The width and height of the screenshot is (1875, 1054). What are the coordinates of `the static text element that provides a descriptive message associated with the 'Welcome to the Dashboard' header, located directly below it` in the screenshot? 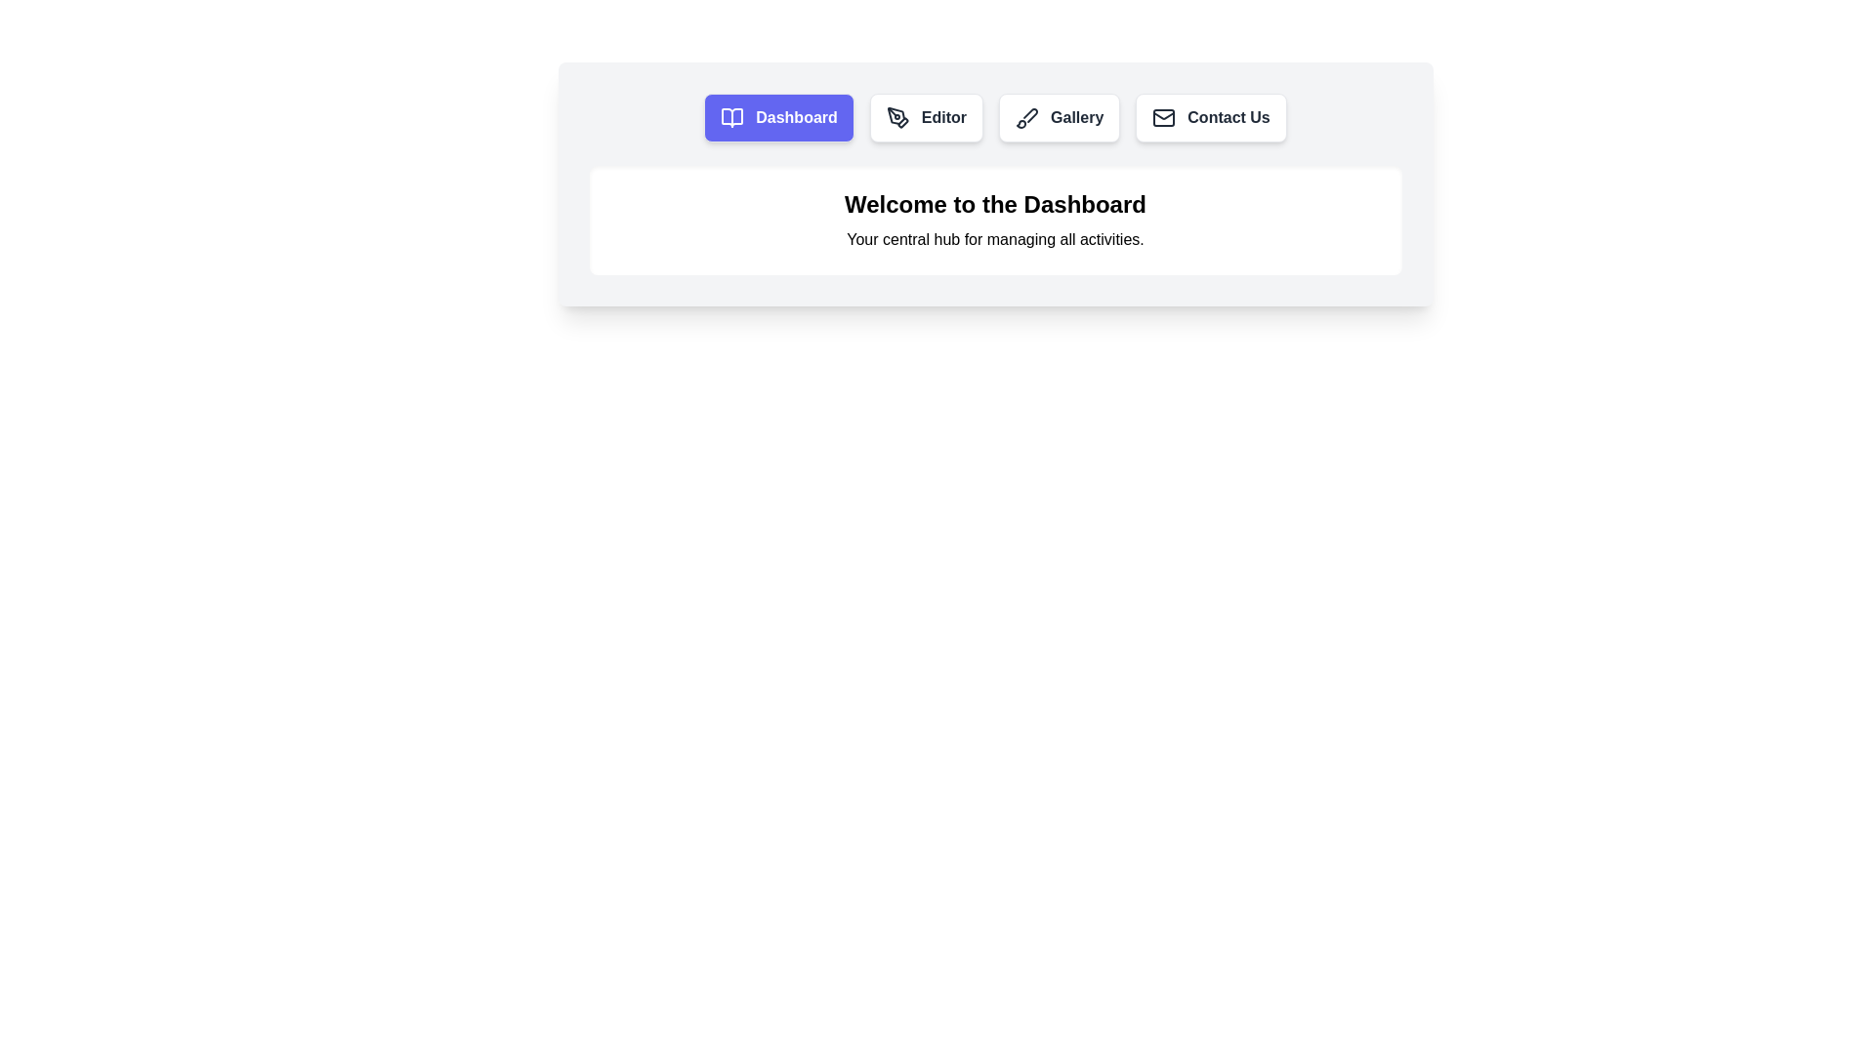 It's located at (995, 239).